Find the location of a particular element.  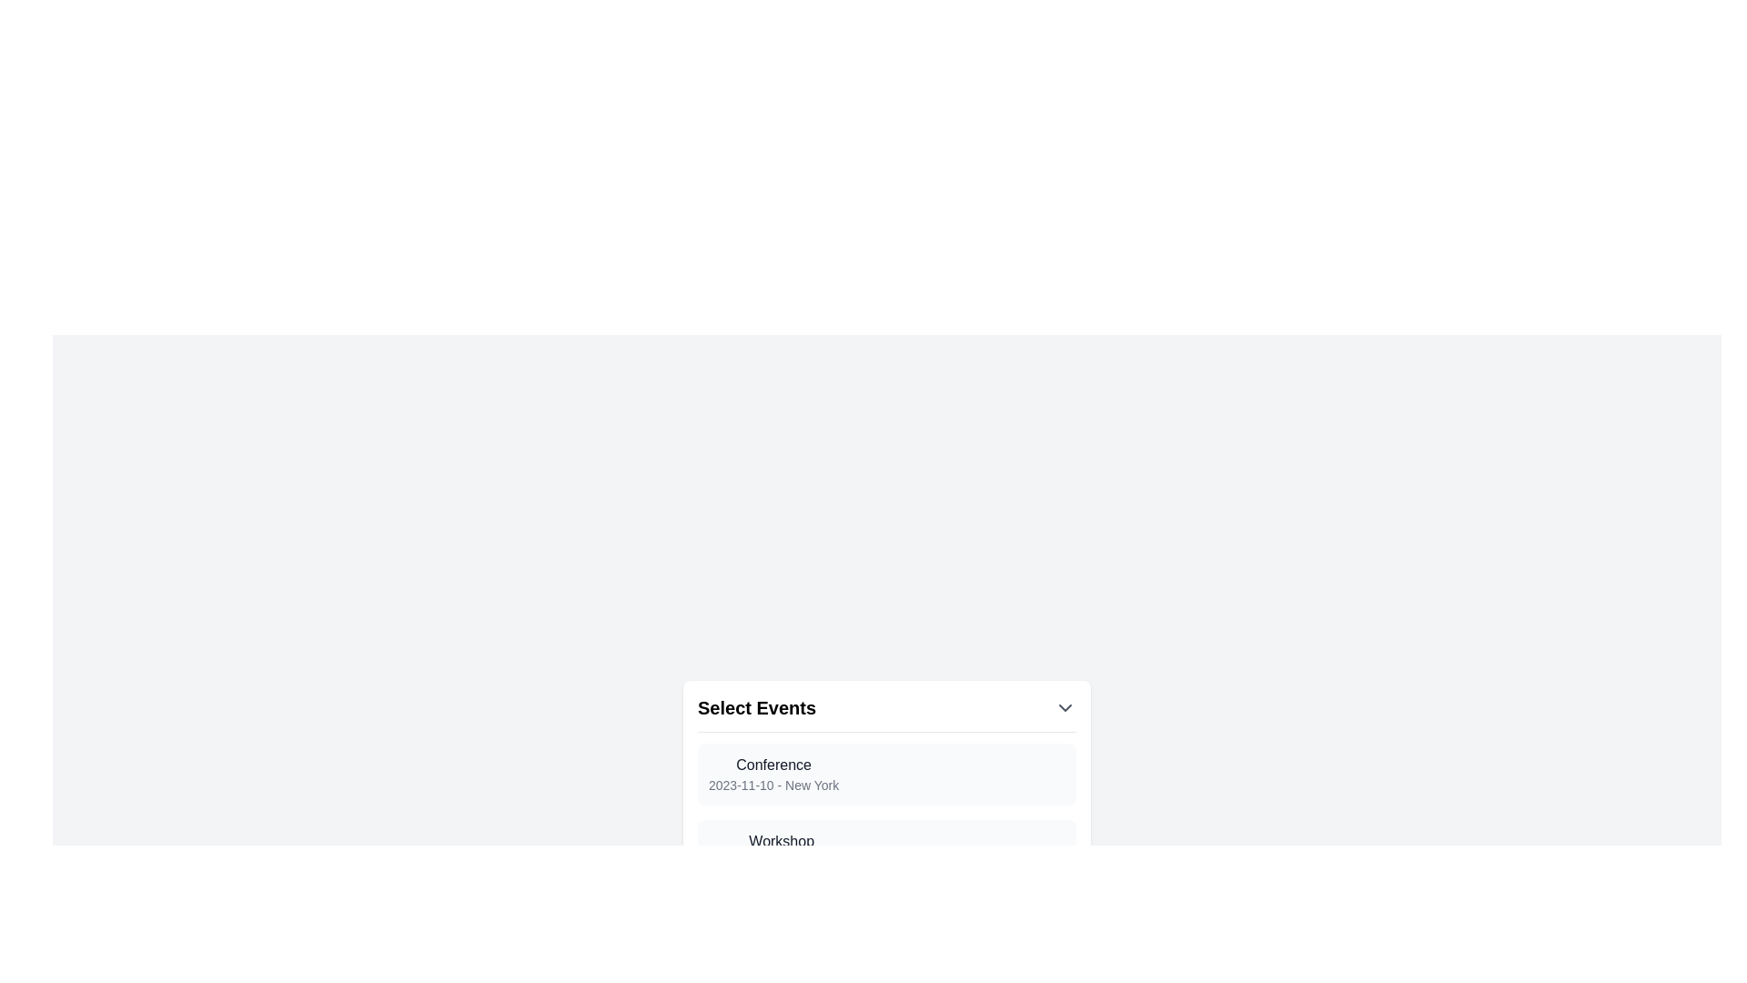

the Text label (header) which serves as a title for the dropdown functionality, located in the top section of the interface is located at coordinates (757, 706).